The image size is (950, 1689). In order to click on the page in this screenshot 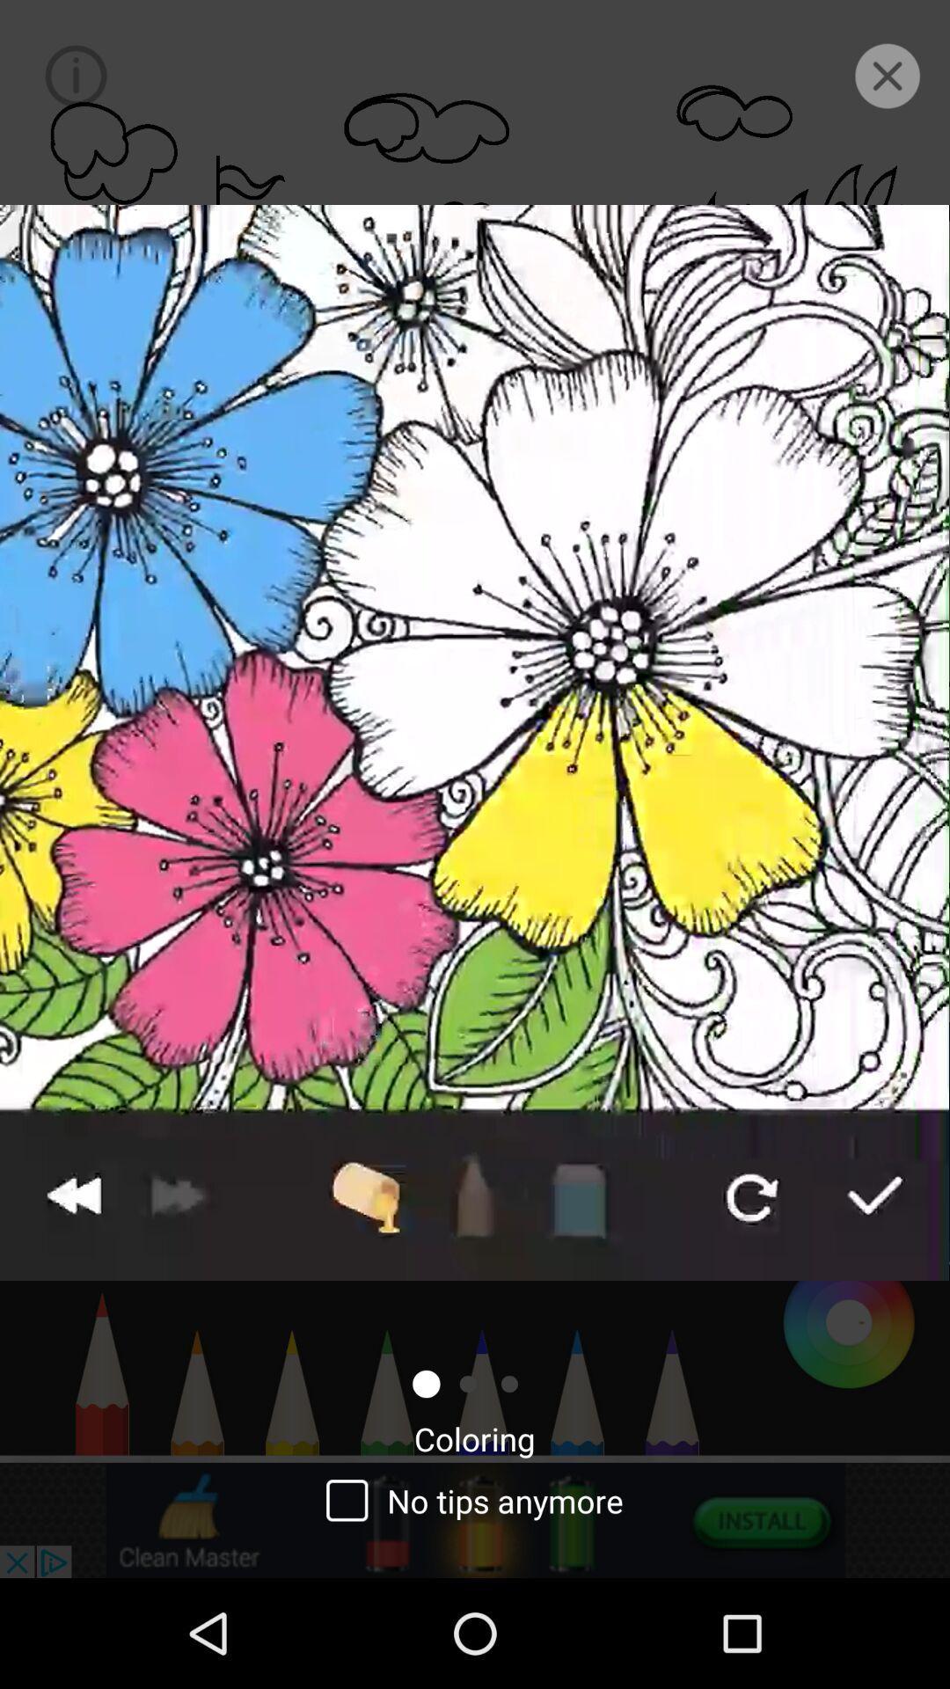, I will do `click(888, 75)`.